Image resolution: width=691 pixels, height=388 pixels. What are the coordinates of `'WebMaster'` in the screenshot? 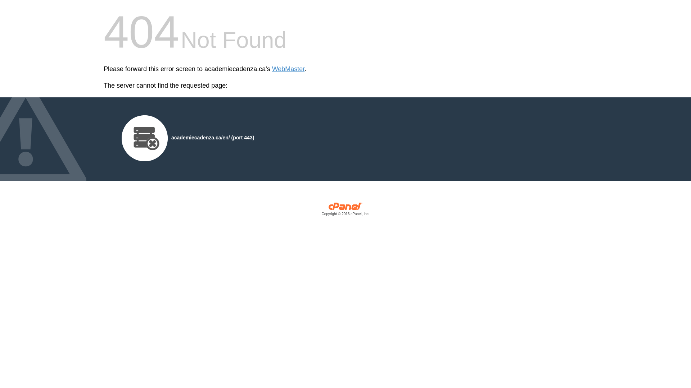 It's located at (288, 69).